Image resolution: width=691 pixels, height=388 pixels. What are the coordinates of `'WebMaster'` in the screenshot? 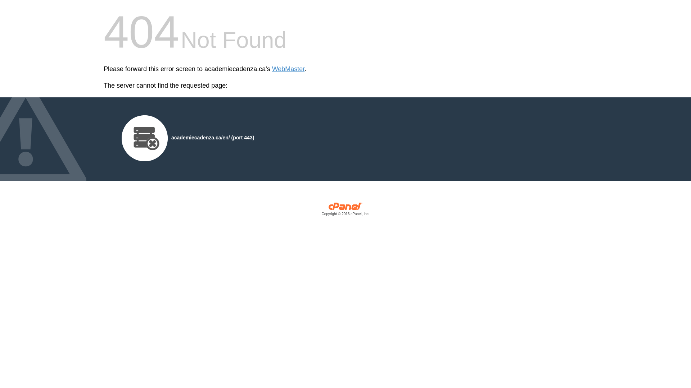 It's located at (288, 69).